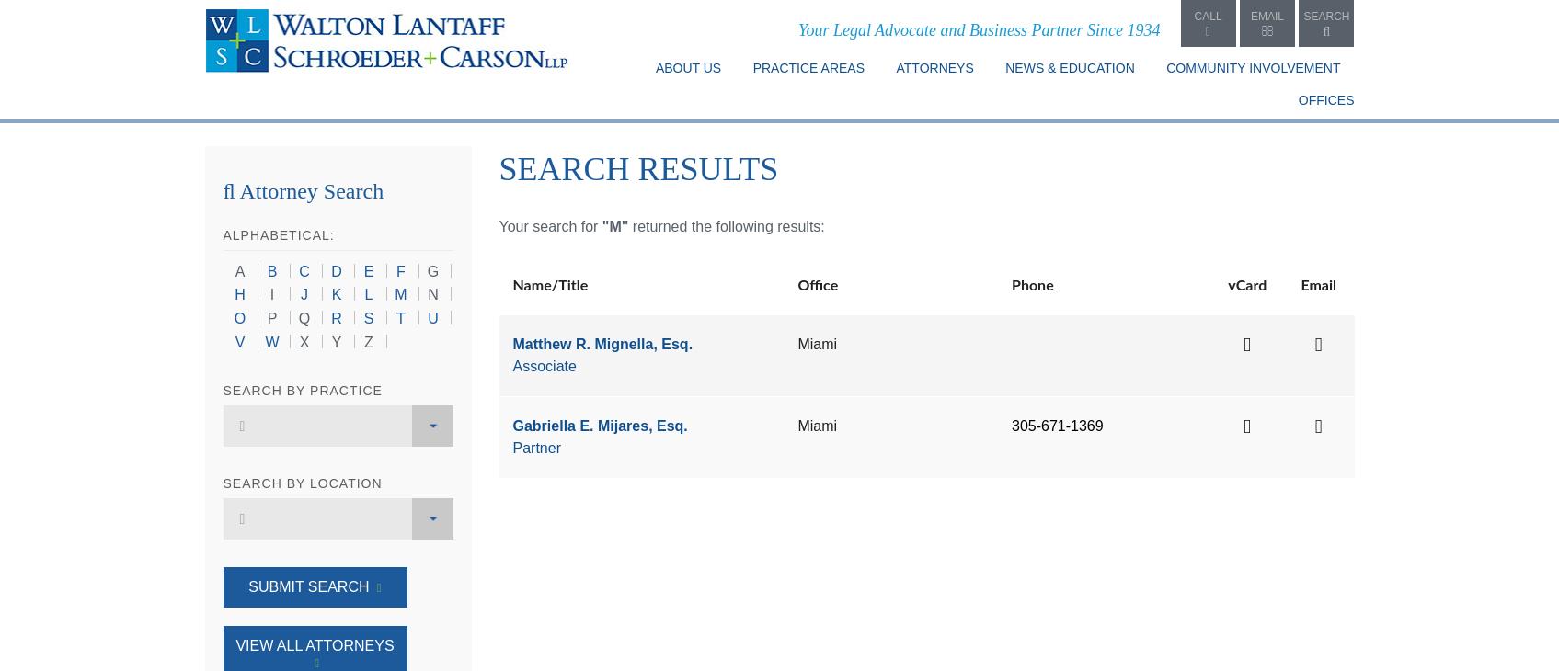 The height and width of the screenshot is (671, 1559). Describe the element at coordinates (1207, 16) in the screenshot. I see `'Call'` at that location.